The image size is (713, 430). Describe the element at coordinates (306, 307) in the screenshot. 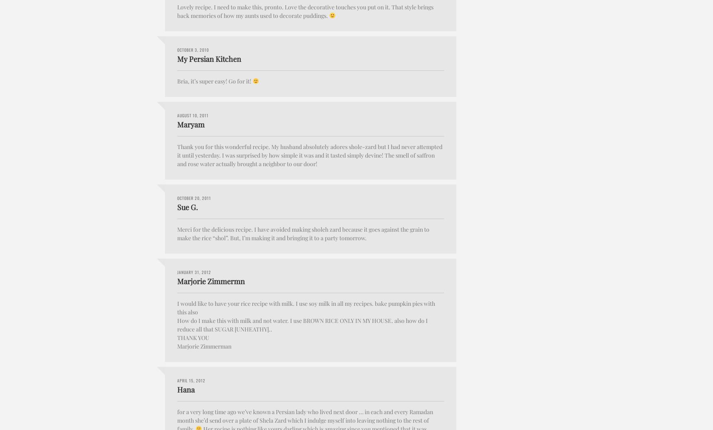

I see `'I would like to have your rice recipe with milk. I use soy milk in all my recipes. bake pumpkin pies with this also'` at that location.